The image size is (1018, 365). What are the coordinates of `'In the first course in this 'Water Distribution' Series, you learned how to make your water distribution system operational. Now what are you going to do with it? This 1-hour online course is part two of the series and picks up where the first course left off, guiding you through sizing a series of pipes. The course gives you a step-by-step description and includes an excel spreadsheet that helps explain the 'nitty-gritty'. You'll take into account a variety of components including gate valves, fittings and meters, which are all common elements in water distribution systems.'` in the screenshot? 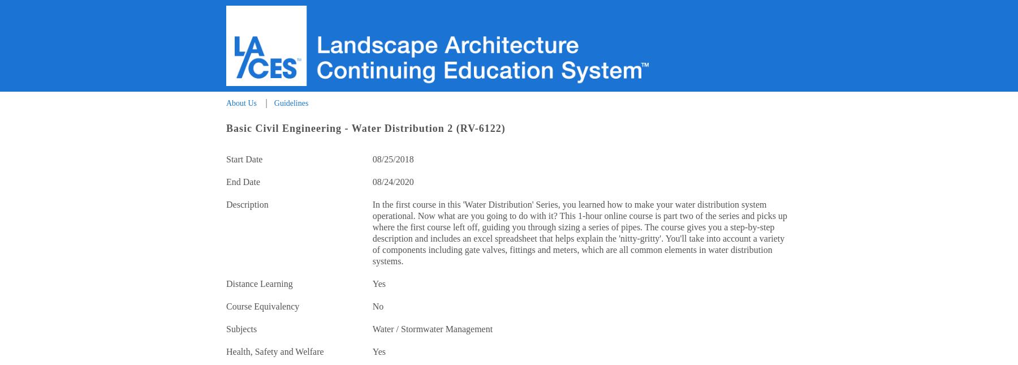 It's located at (579, 233).